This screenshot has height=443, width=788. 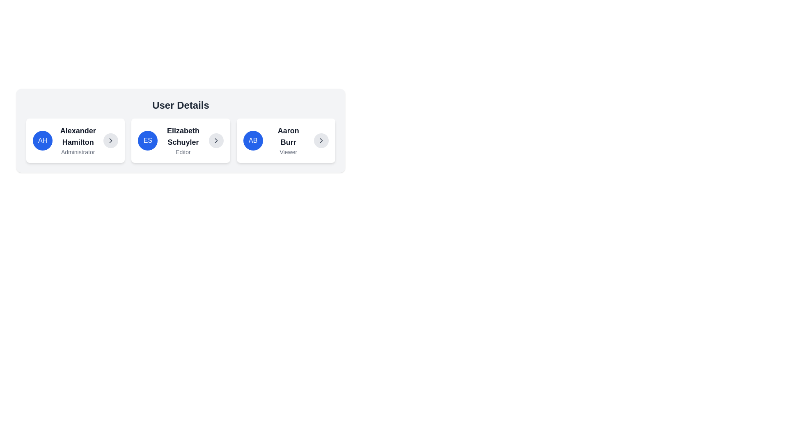 What do you see at coordinates (216, 140) in the screenshot?
I see `the right-pointing arrow icon within a circular button` at bounding box center [216, 140].